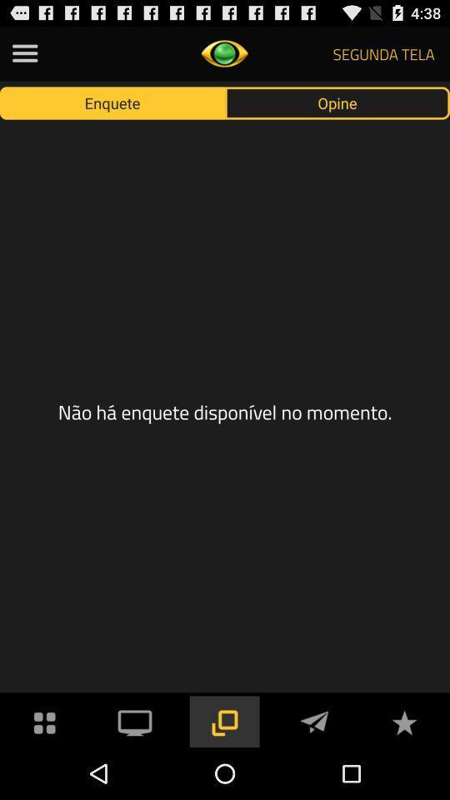  I want to click on the icon above the enquete, so click(24, 53).